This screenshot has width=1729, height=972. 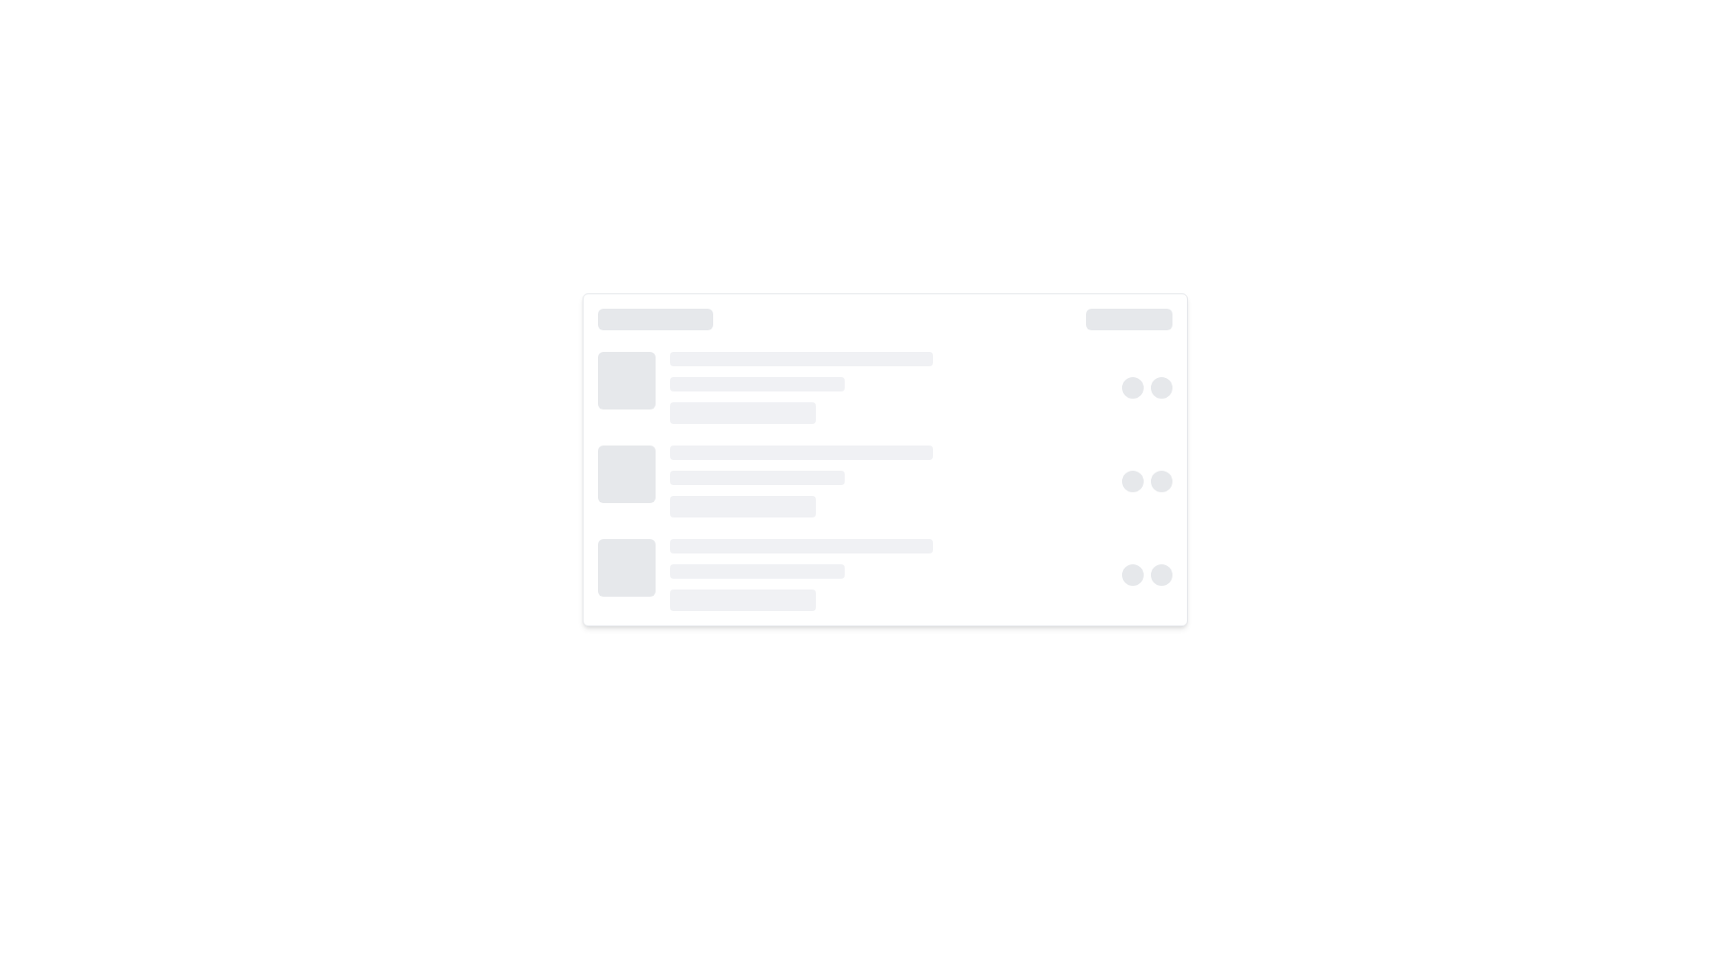 I want to click on the decorative placeholder visual separator located in the top-right section of the card grouping, which has a height of 6px and a light gray background color (#D1D5DB), so click(x=1127, y=318).